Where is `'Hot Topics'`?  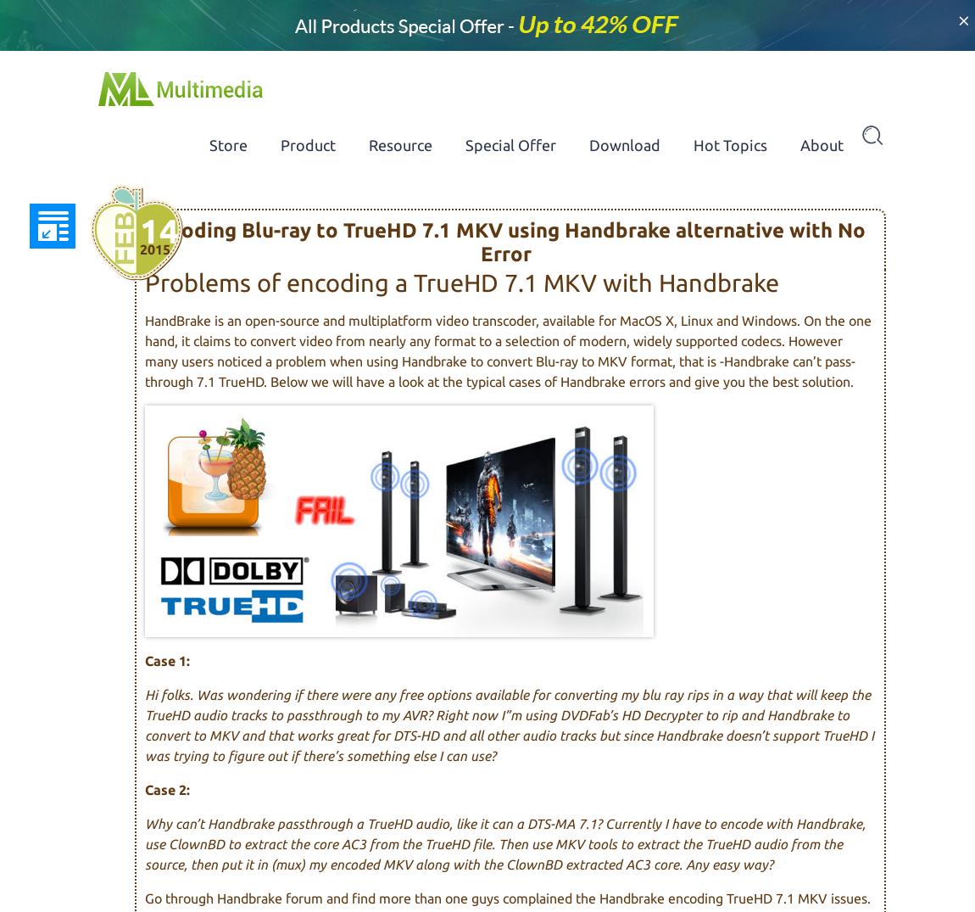
'Hot Topics' is located at coordinates (729, 145).